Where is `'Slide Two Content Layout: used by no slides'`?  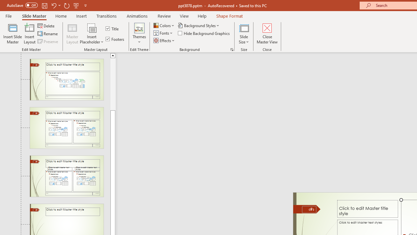
'Slide Two Content Layout: used by no slides' is located at coordinates (66, 128).